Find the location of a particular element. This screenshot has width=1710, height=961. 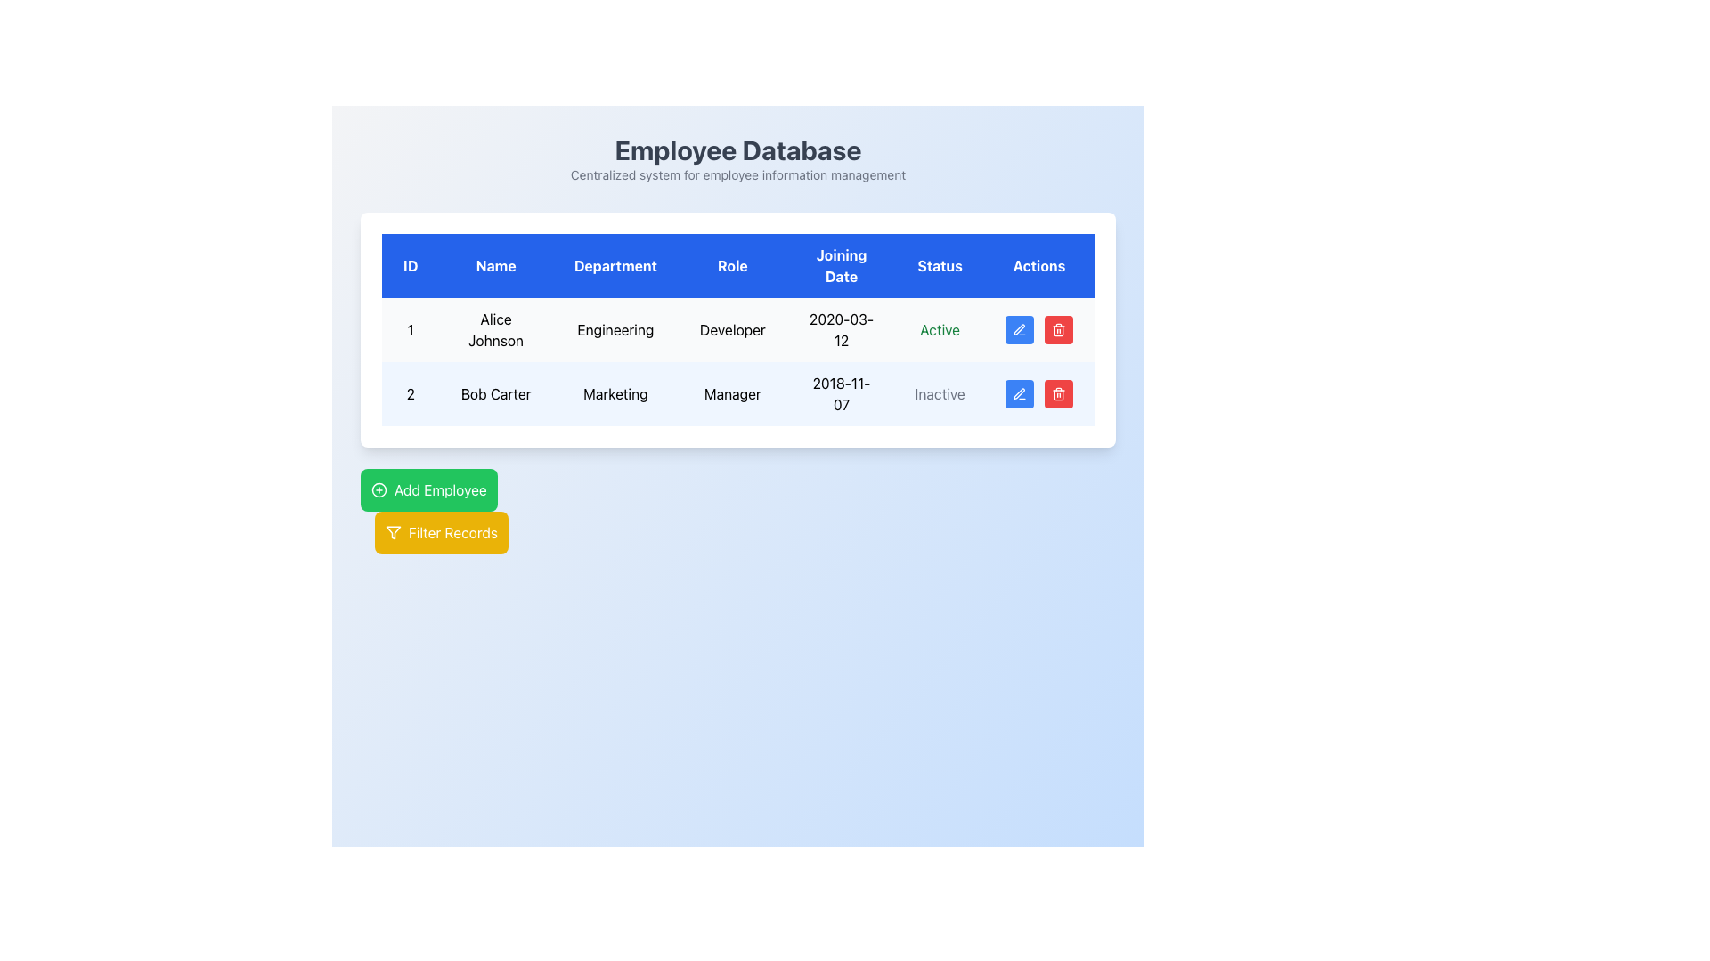

the red button in the 'Actions' column of the first row is located at coordinates (1038, 329).